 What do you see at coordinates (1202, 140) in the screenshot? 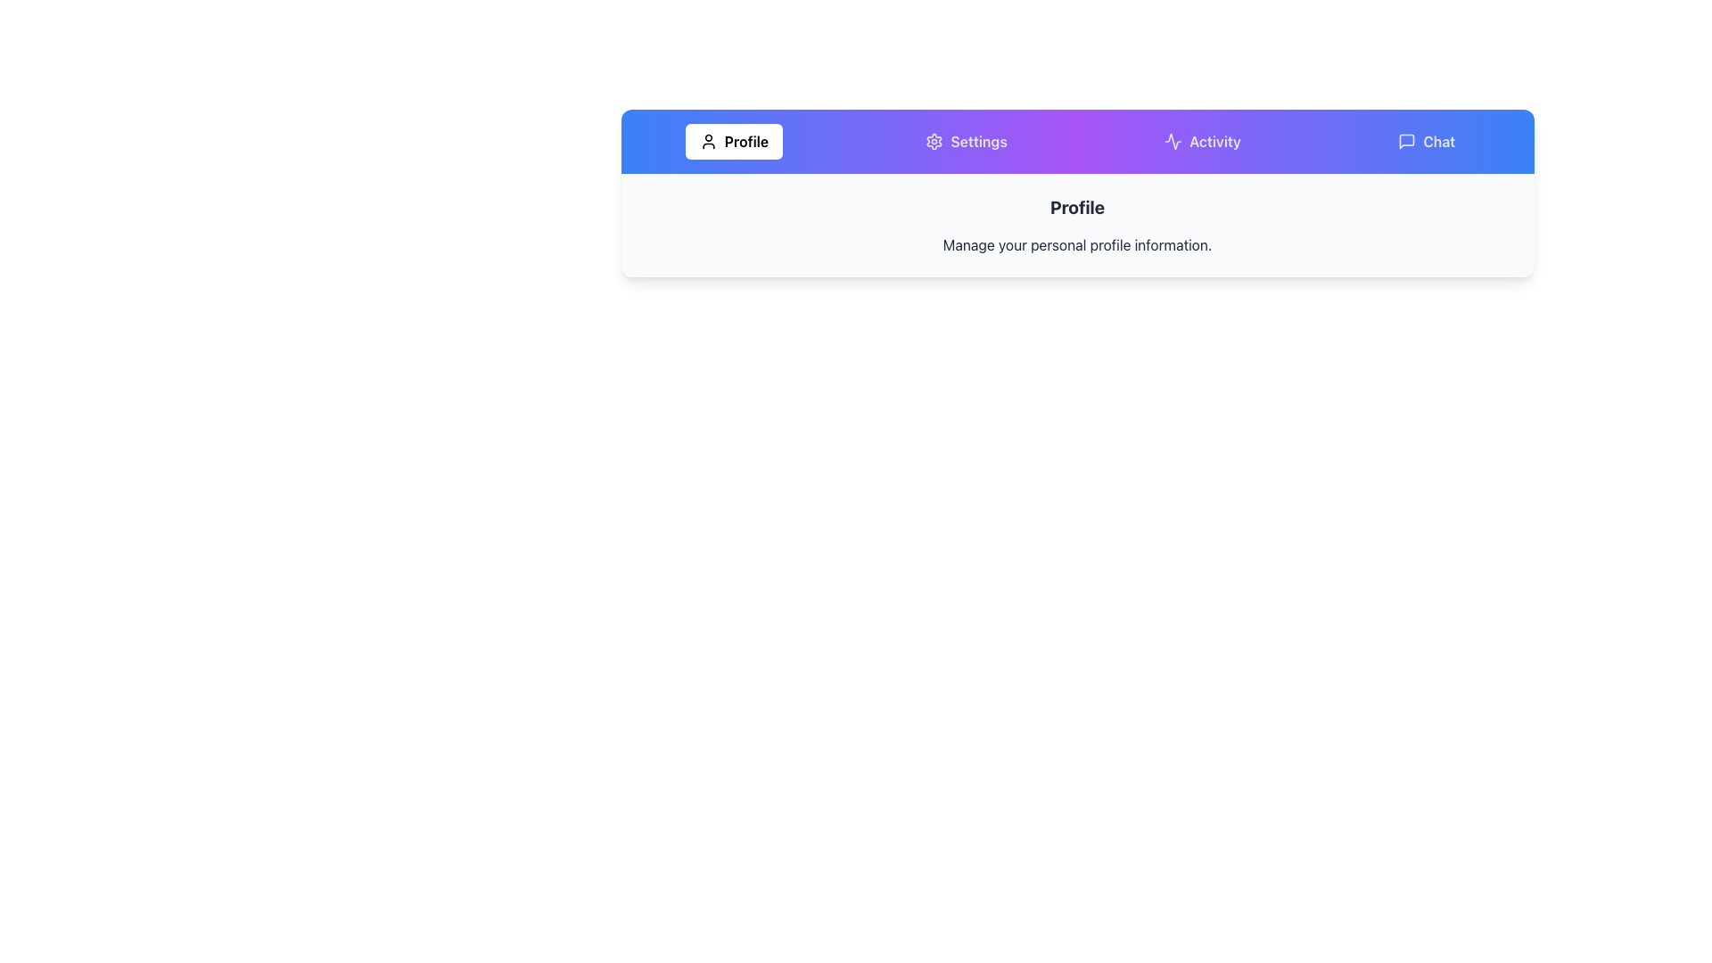
I see `the 'Activity' navigation button, which is a rounded rectangular button with a gradient purple-to-blue background and white text, located in the header section between the 'Settings' and 'Chat' buttons` at bounding box center [1202, 140].